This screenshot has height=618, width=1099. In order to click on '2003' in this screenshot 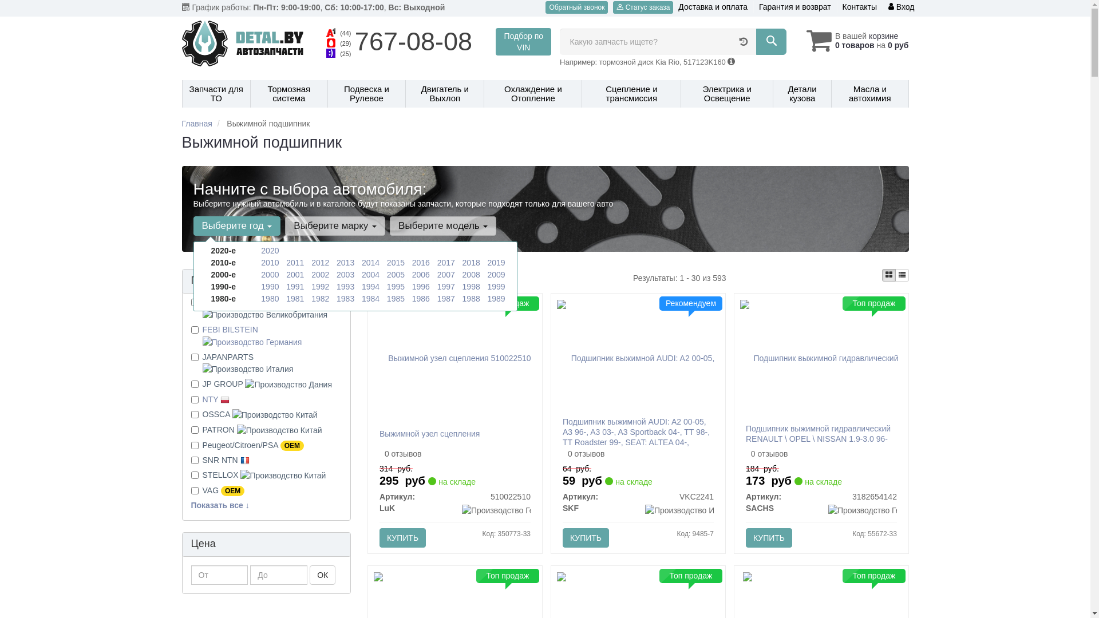, I will do `click(336, 274)`.